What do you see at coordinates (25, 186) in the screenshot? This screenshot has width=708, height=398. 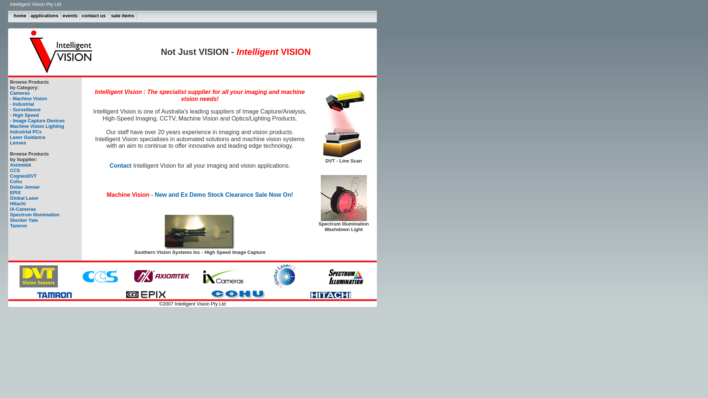 I see `'Dolan Jenner'` at bounding box center [25, 186].